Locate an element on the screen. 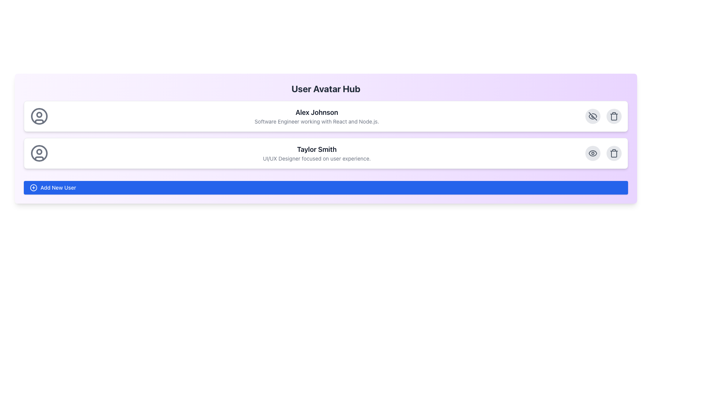  the trash can icon, which is a clean modern style icon with rounded edges, located as the third icon from the left in the second user entry interface is located at coordinates (614, 153).